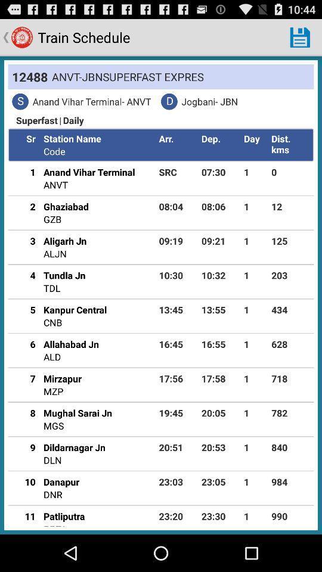  I want to click on the 11 icon, so click(26, 515).